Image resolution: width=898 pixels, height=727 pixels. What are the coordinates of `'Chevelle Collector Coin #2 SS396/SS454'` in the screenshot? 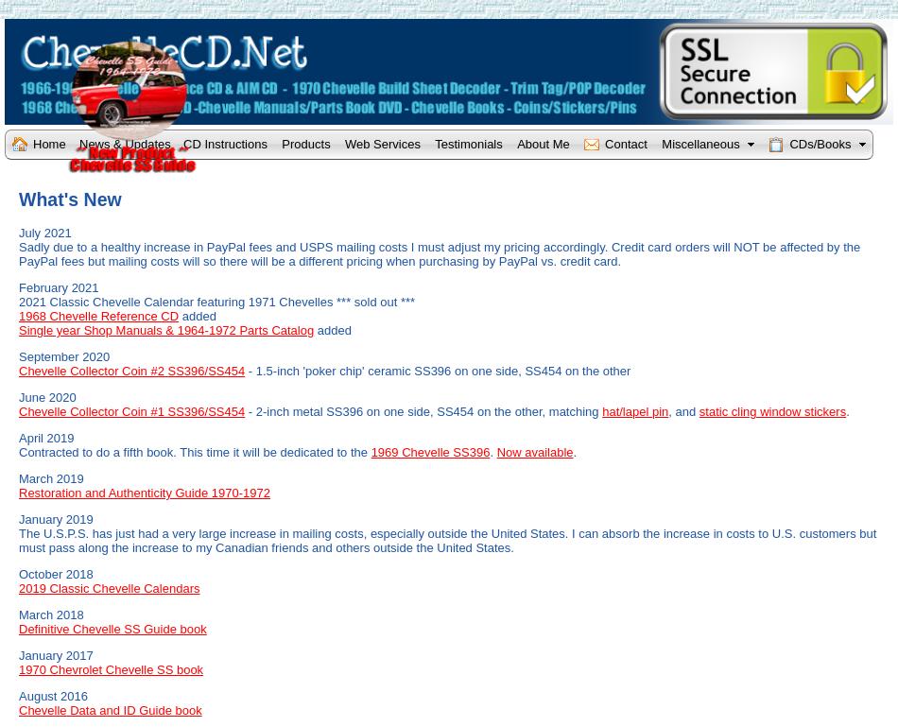 It's located at (131, 371).